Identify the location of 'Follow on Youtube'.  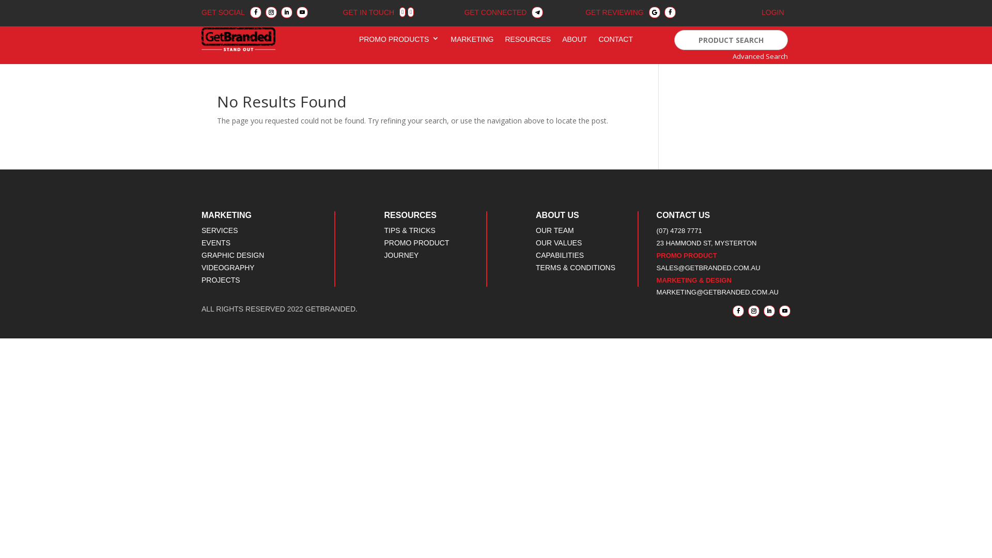
(302, 12).